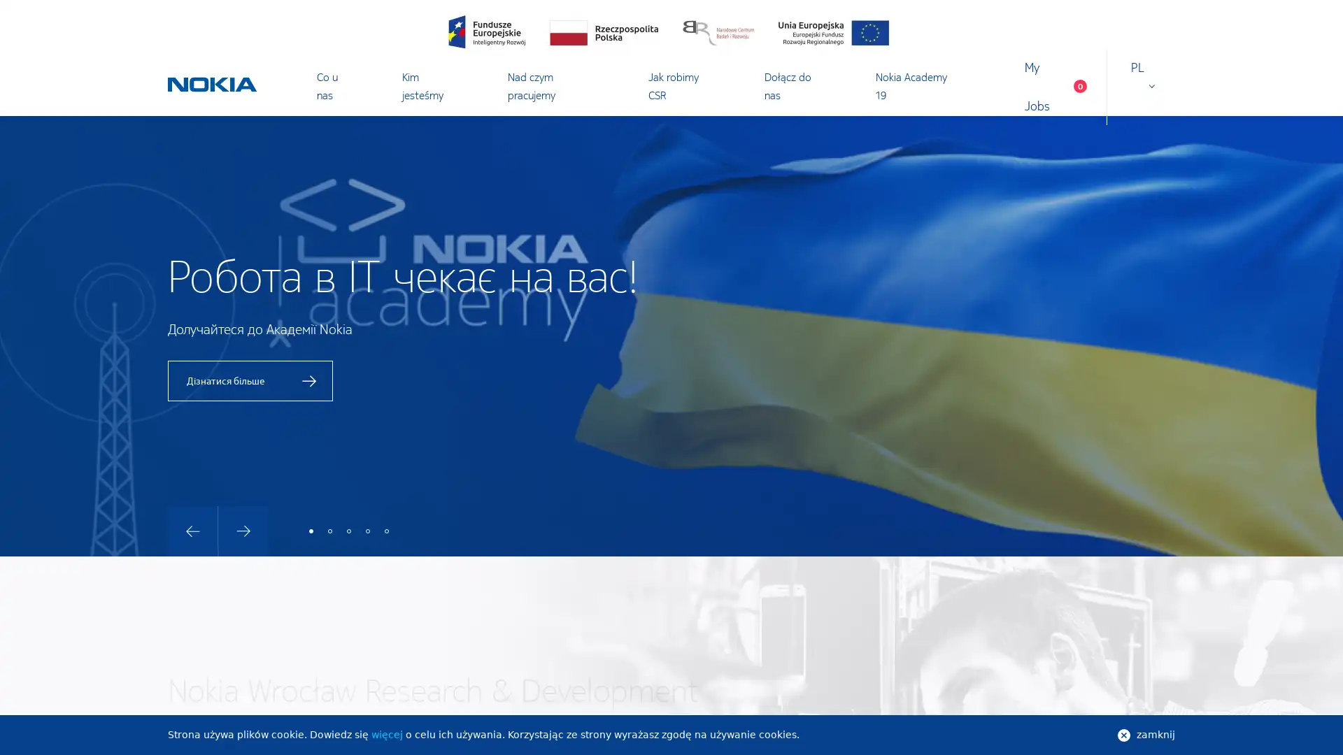  What do you see at coordinates (349, 531) in the screenshot?
I see `Go to slide 3` at bounding box center [349, 531].